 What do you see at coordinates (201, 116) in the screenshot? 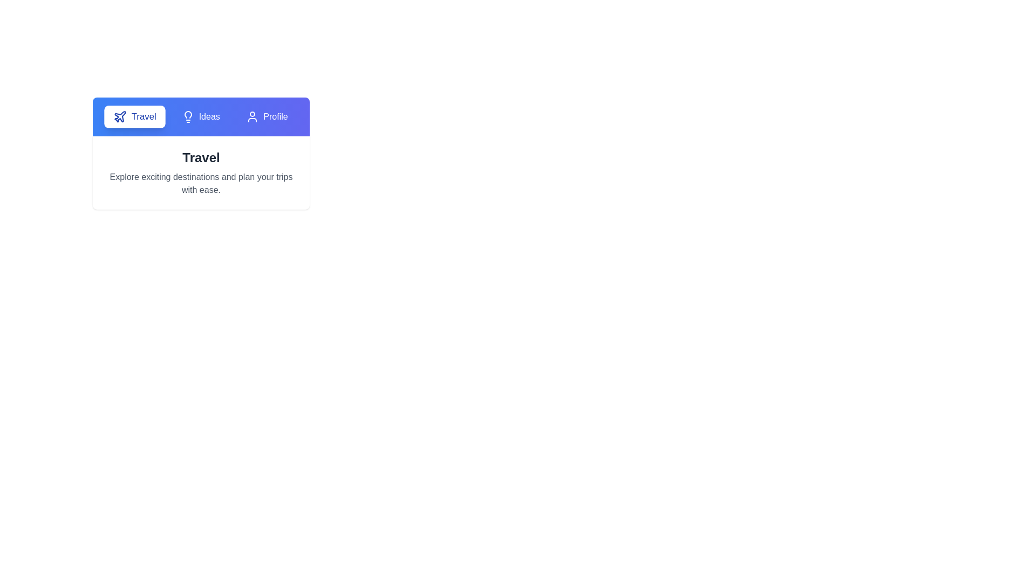
I see `the tab labeled Ideas` at bounding box center [201, 116].